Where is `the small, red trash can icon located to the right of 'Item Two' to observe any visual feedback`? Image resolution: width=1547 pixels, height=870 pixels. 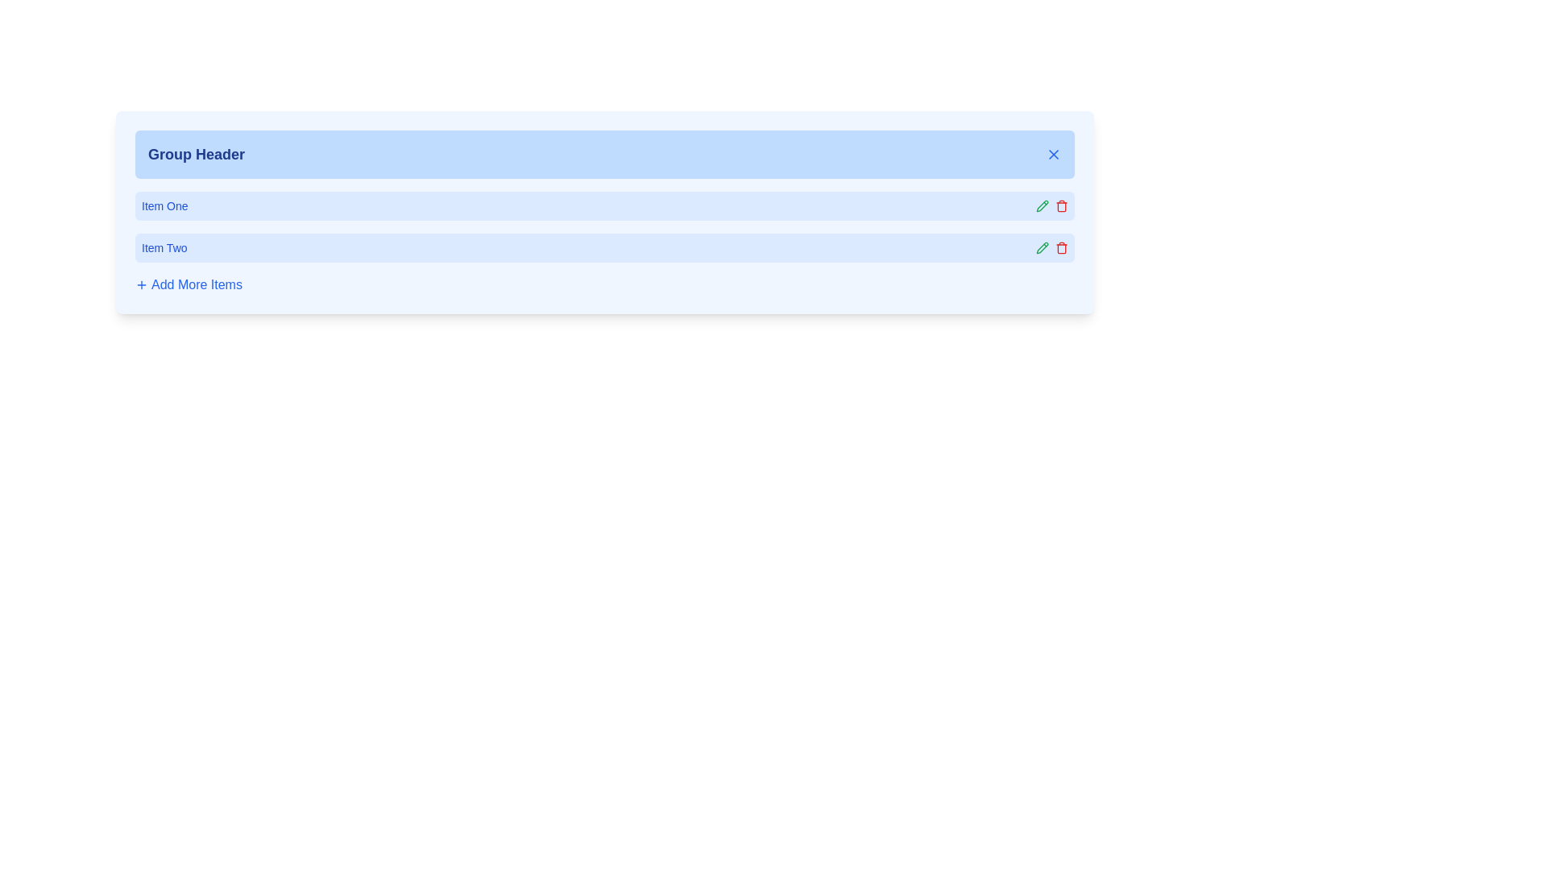
the small, red trash can icon located to the right of 'Item Two' to observe any visual feedback is located at coordinates (1062, 248).